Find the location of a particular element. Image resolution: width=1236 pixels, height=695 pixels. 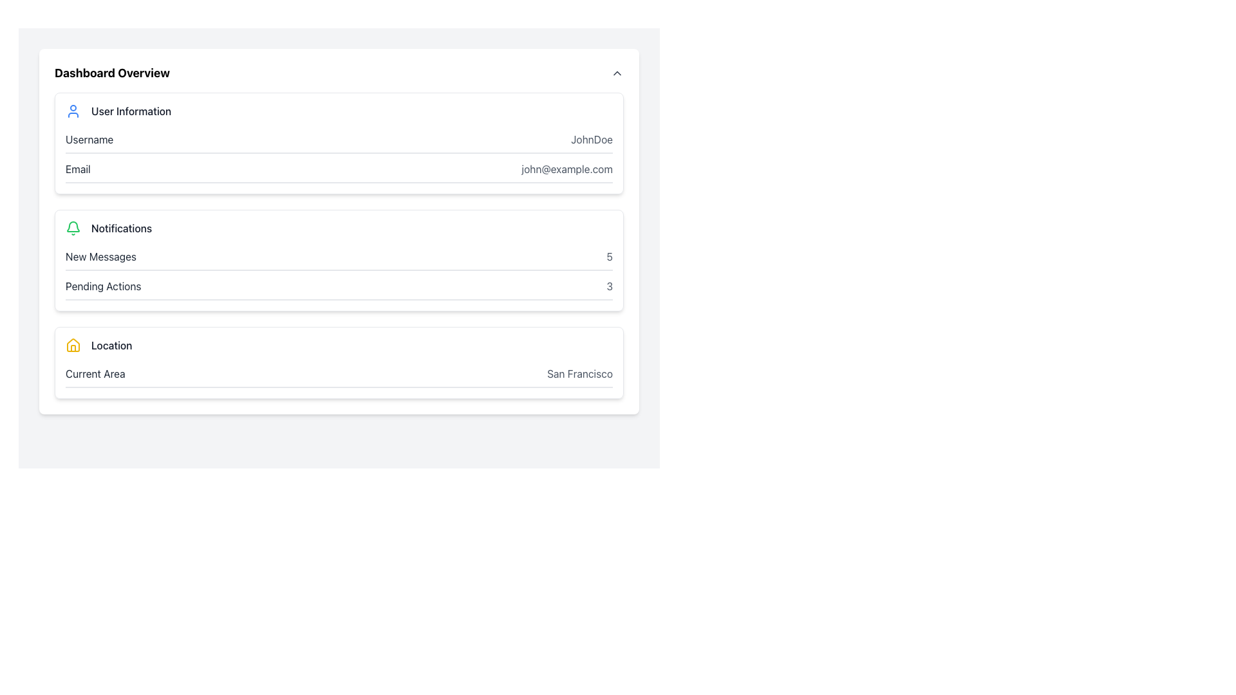

the 'Notifications' static text label, which is styled in dark gray and positioned near a green bell icon in the dashboard overview is located at coordinates (122, 227).